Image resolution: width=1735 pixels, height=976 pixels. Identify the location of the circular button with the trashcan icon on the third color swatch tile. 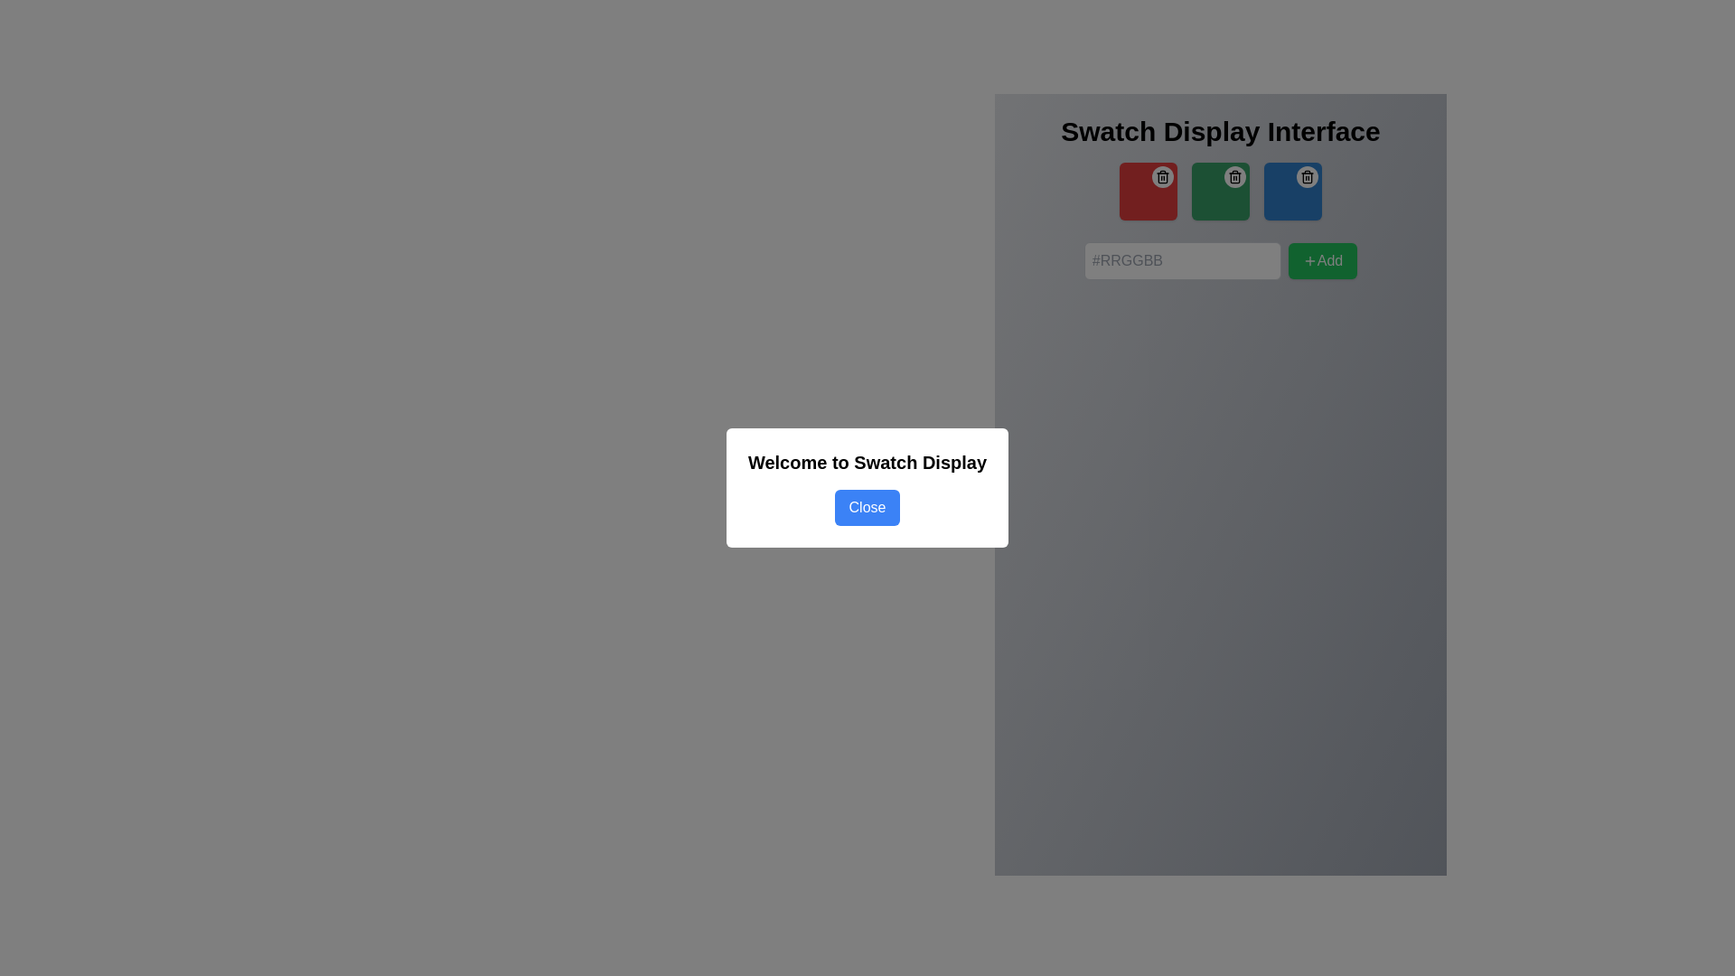
(1291, 192).